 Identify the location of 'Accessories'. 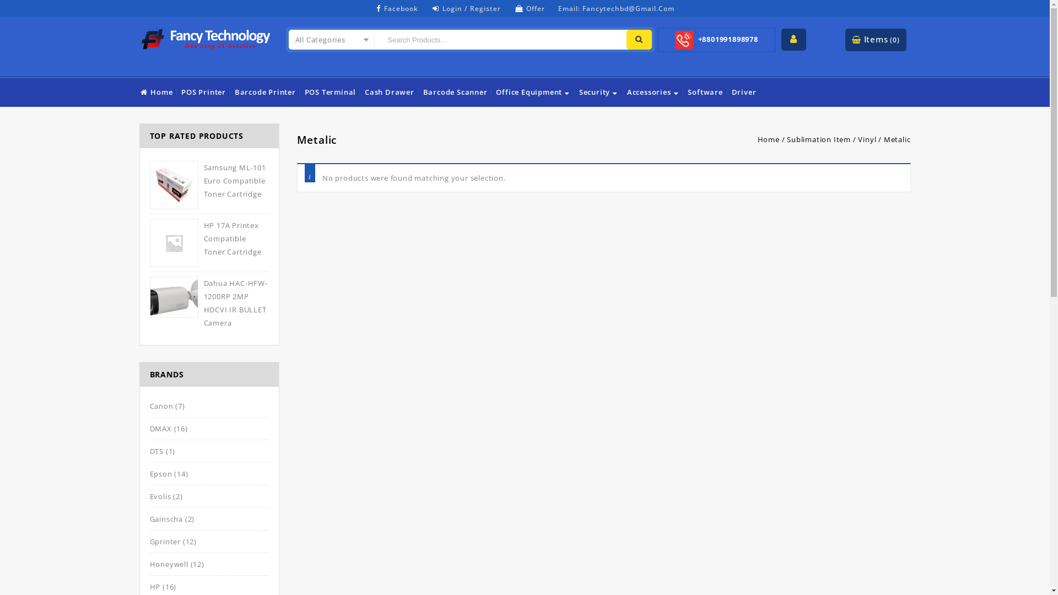
(653, 91).